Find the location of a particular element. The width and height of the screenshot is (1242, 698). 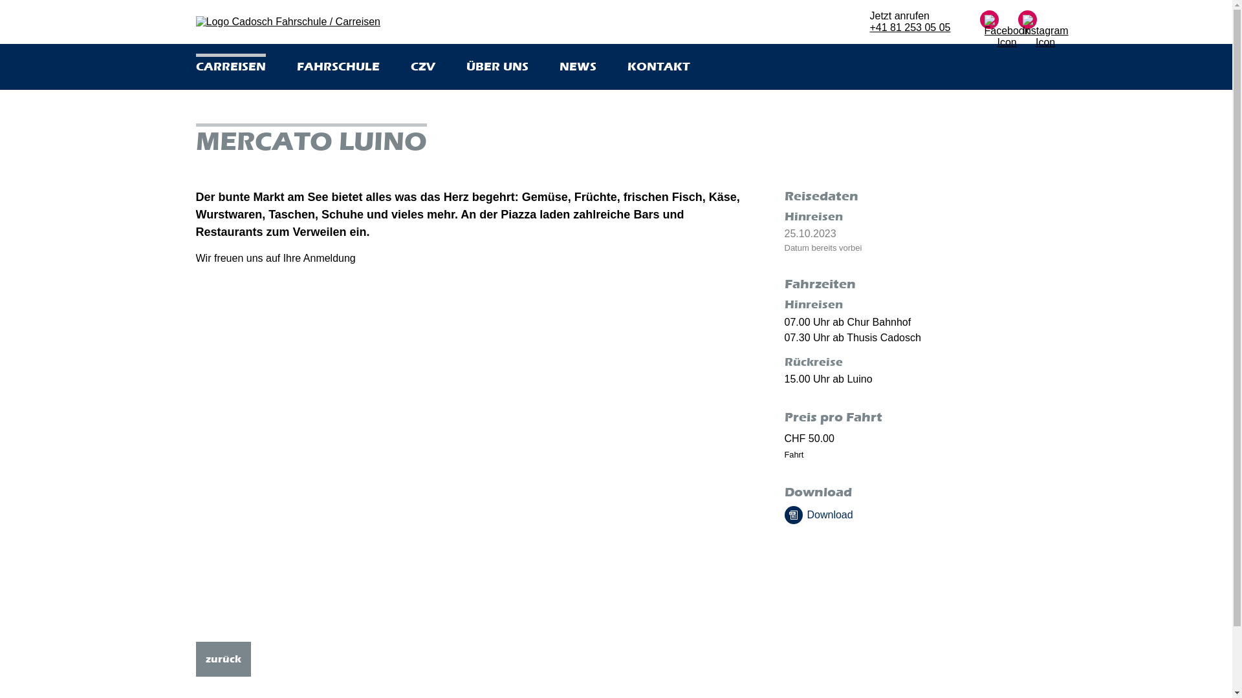

'Folge Cadosch Fahrschule / Carreisen auf Instagram' is located at coordinates (1026, 31).